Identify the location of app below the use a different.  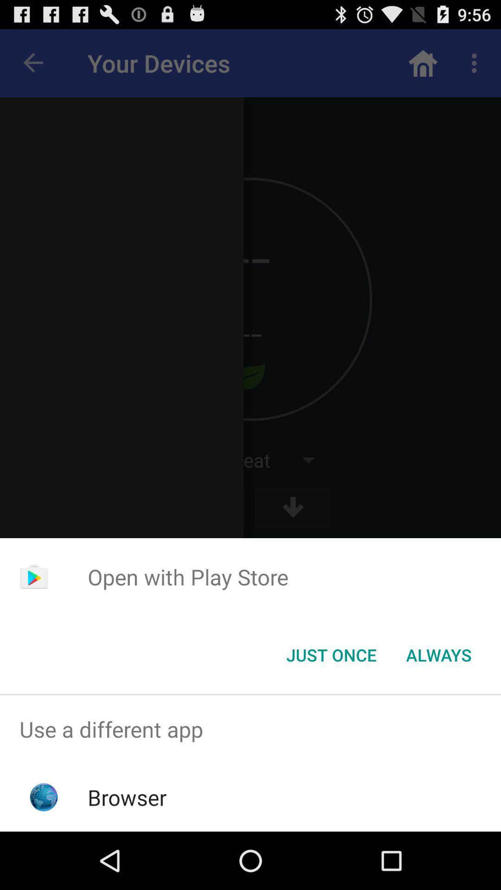
(127, 797).